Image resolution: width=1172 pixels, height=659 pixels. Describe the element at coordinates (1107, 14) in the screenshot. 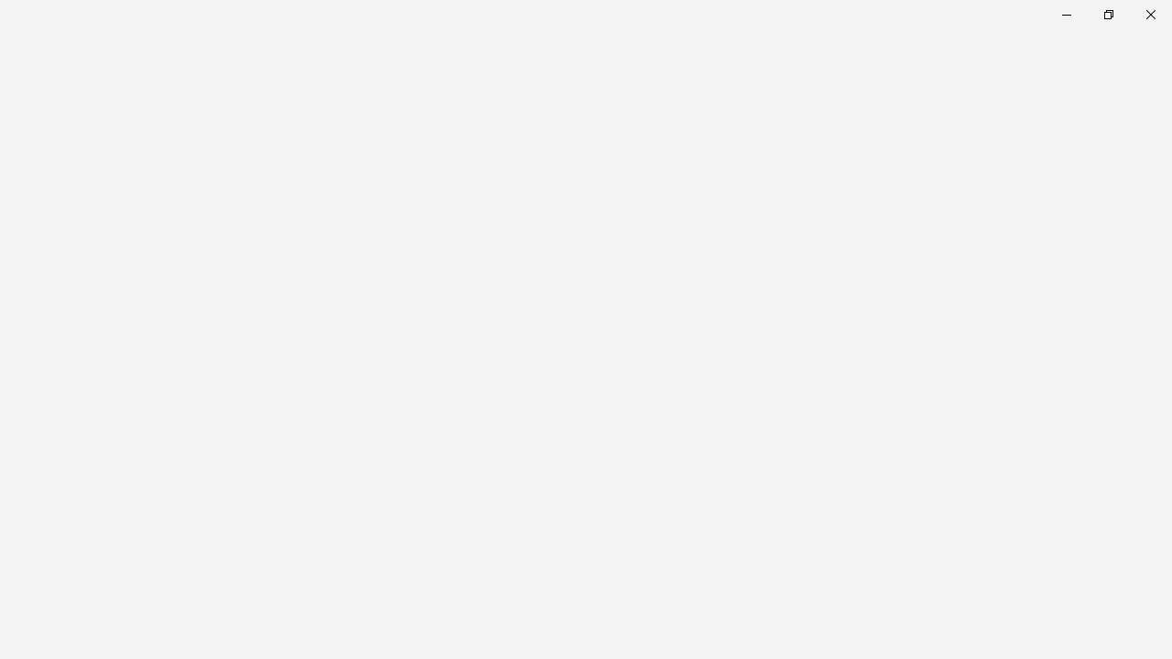

I see `'Restore Calculator'` at that location.